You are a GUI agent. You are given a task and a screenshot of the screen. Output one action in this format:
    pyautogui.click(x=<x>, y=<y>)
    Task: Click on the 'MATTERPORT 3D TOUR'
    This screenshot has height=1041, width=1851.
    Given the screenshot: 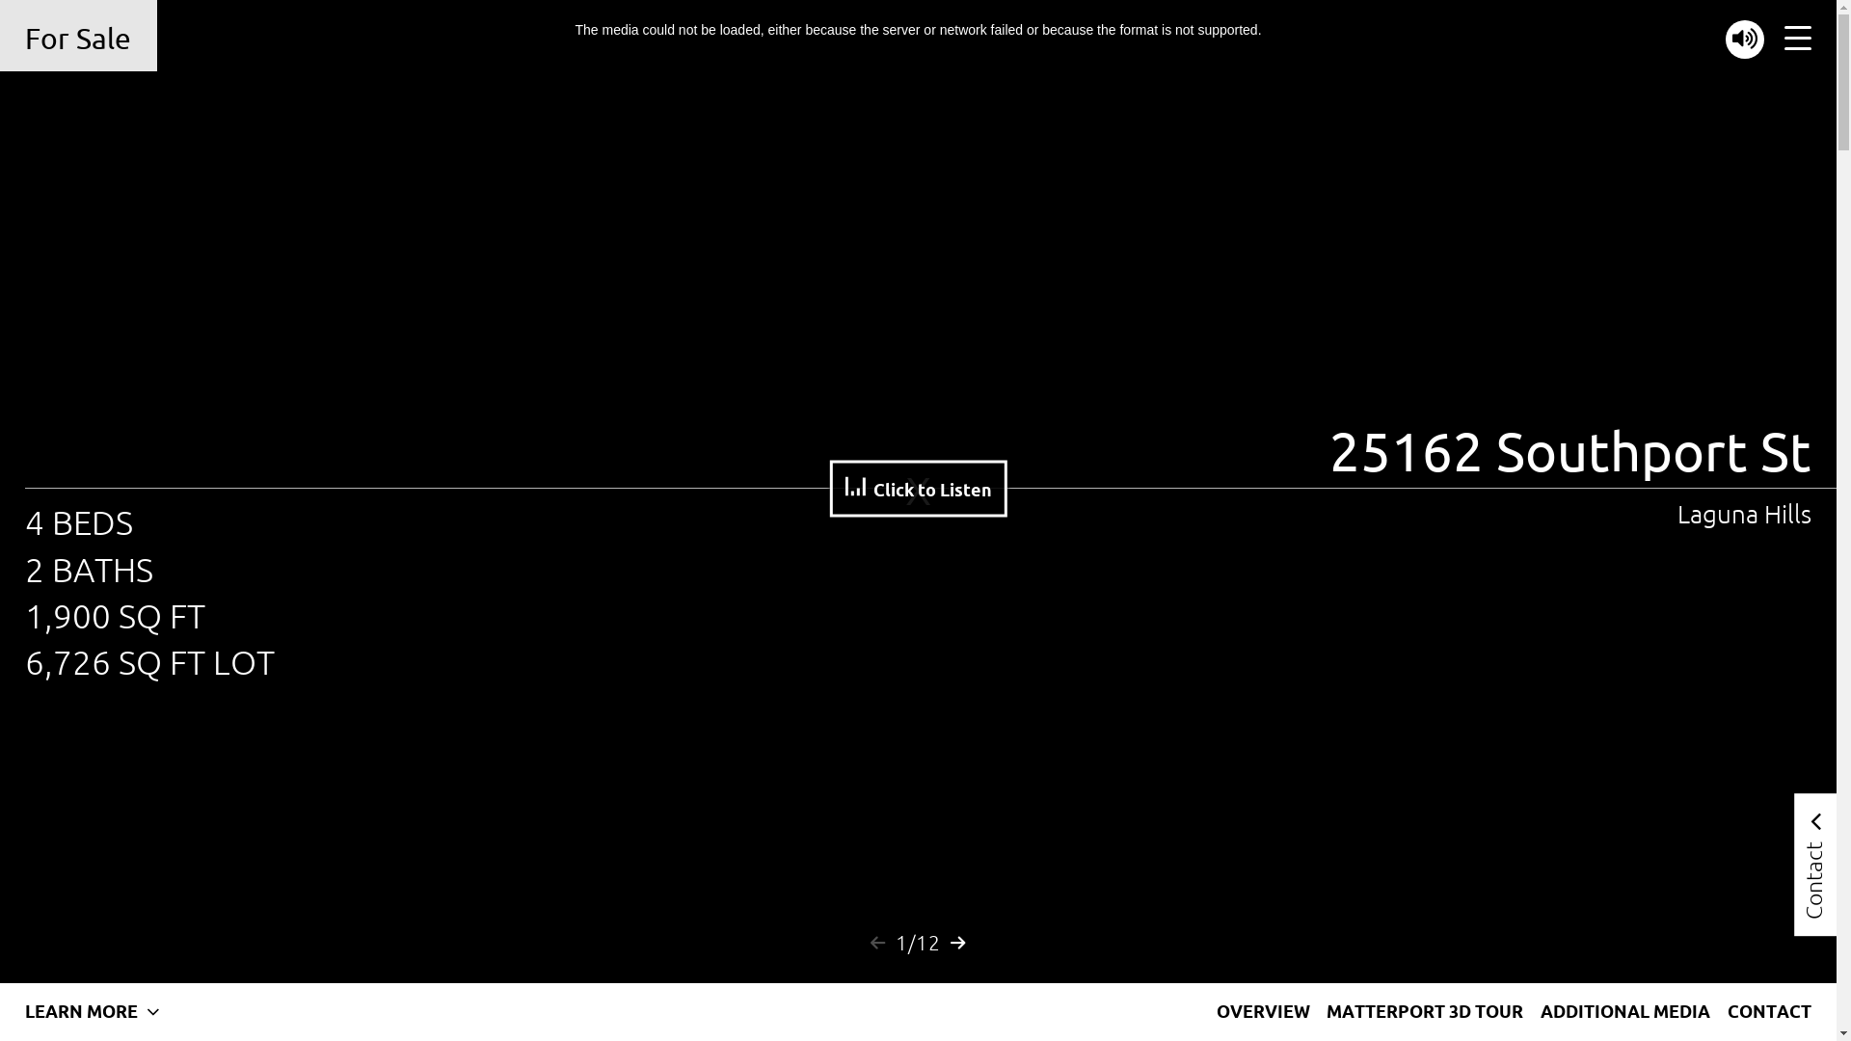 What is the action you would take?
    pyautogui.click(x=1425, y=1010)
    